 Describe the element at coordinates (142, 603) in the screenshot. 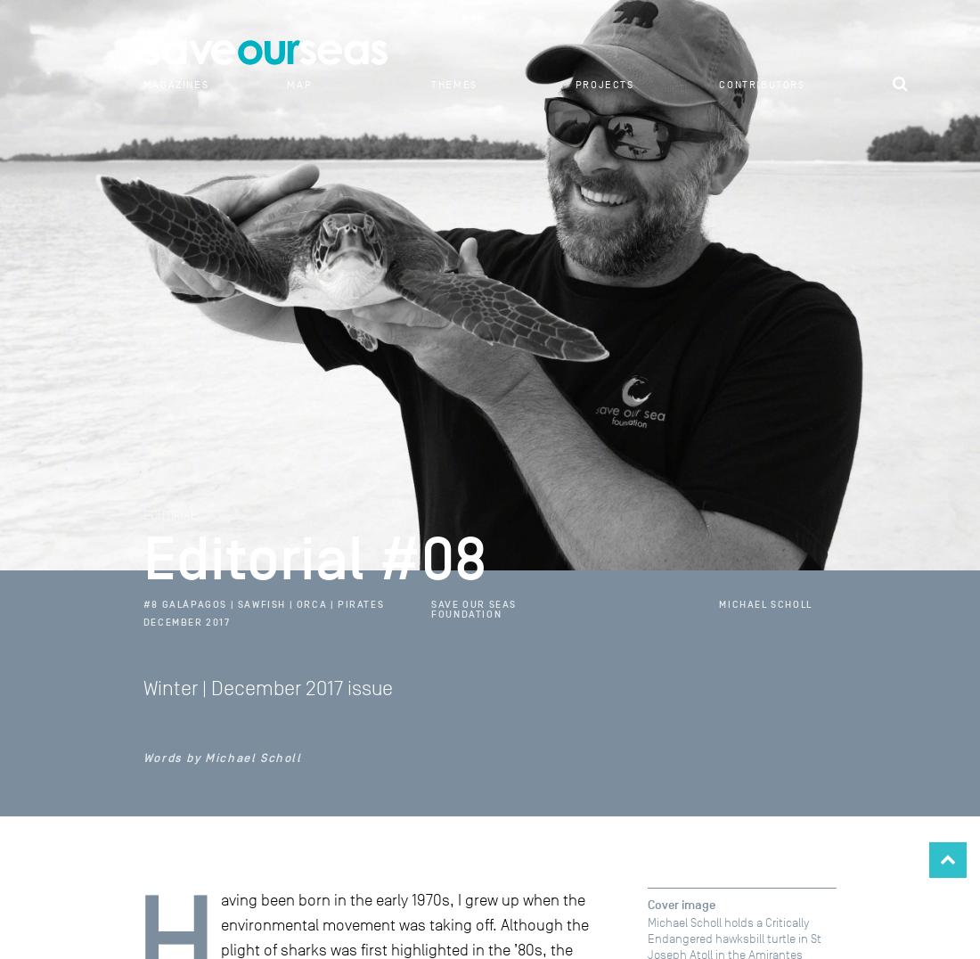

I see `'#8 Galápagos | Sawfish | Orca | Pirates'` at that location.